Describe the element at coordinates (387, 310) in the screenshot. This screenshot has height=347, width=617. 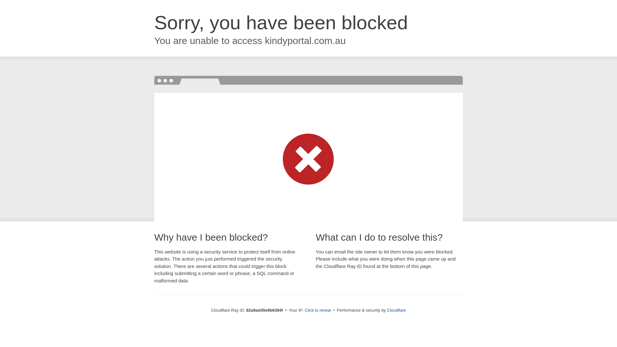
I see `'Cloudflare'` at that location.